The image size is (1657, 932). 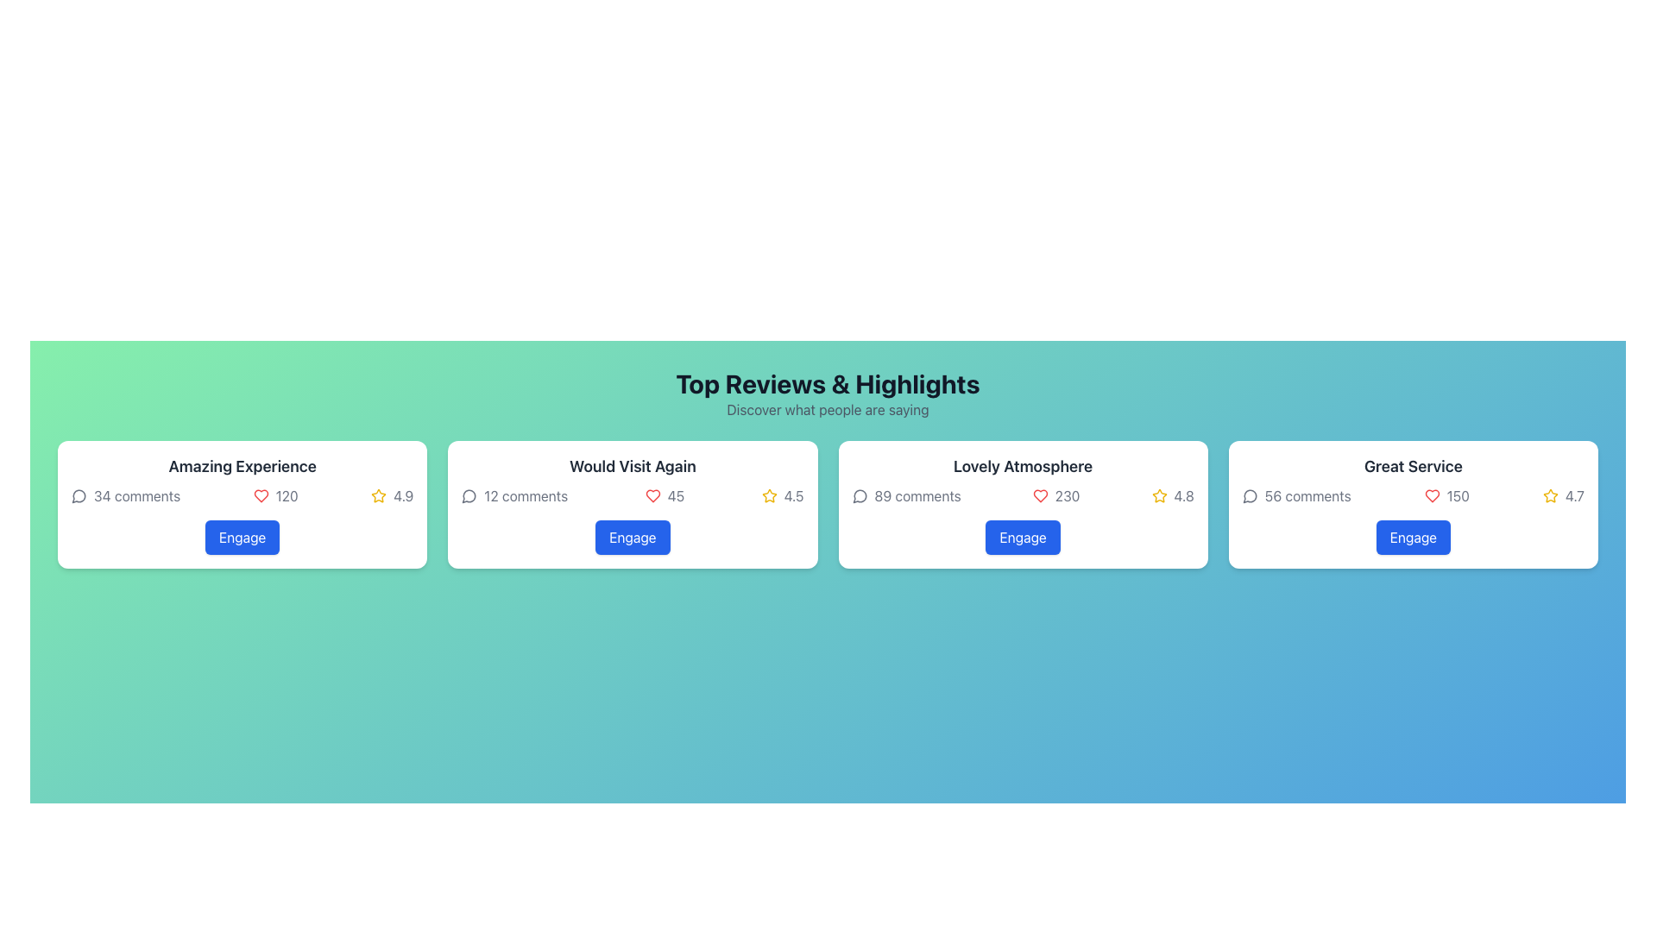 What do you see at coordinates (1039, 495) in the screenshot?
I see `the heart icon indicating the 'like' or 'favorite' count in the 'Lovely Atmosphere' card` at bounding box center [1039, 495].